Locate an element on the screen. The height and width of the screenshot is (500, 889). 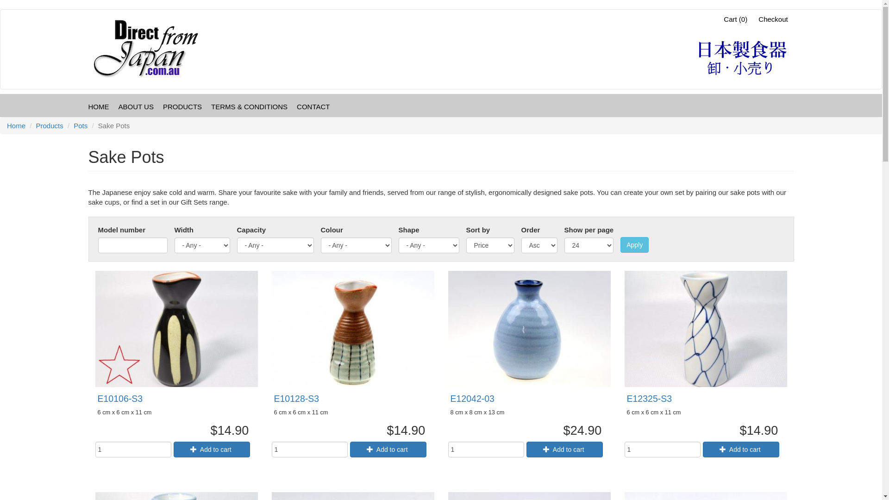
'ABOUT US' is located at coordinates (118, 106).